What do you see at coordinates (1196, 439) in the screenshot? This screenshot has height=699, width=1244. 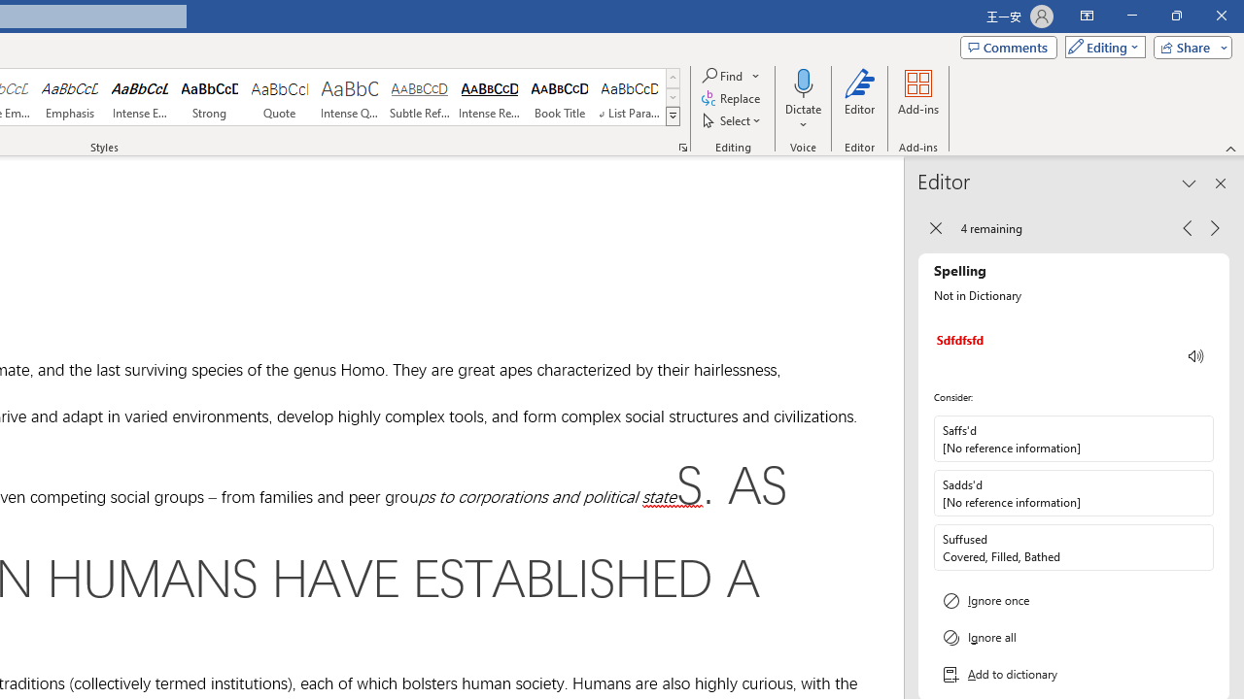 I see `'More options for Saffs'` at bounding box center [1196, 439].